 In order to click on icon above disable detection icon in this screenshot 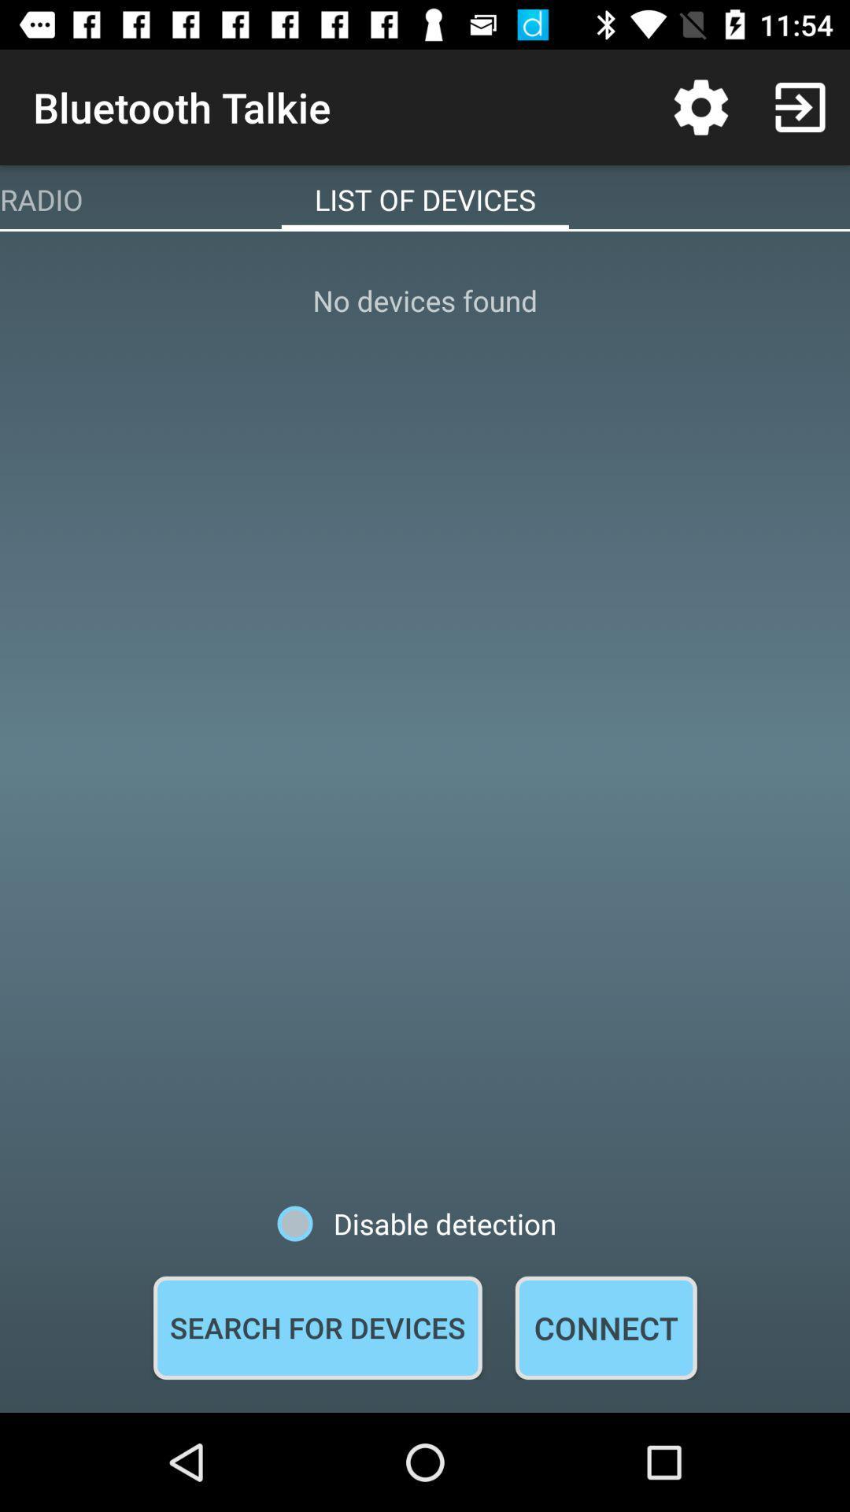, I will do `click(425, 717)`.